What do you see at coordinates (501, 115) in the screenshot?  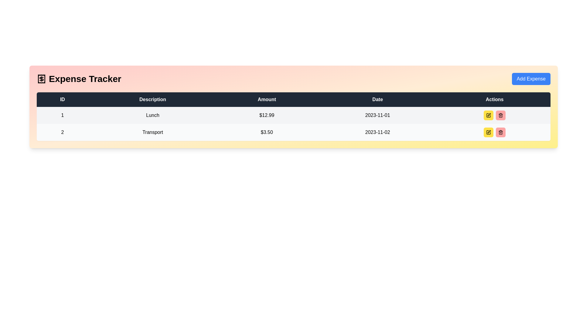 I see `the delete button located in the 'Actions' column of the second row in the 'Expense Tracker' table` at bounding box center [501, 115].